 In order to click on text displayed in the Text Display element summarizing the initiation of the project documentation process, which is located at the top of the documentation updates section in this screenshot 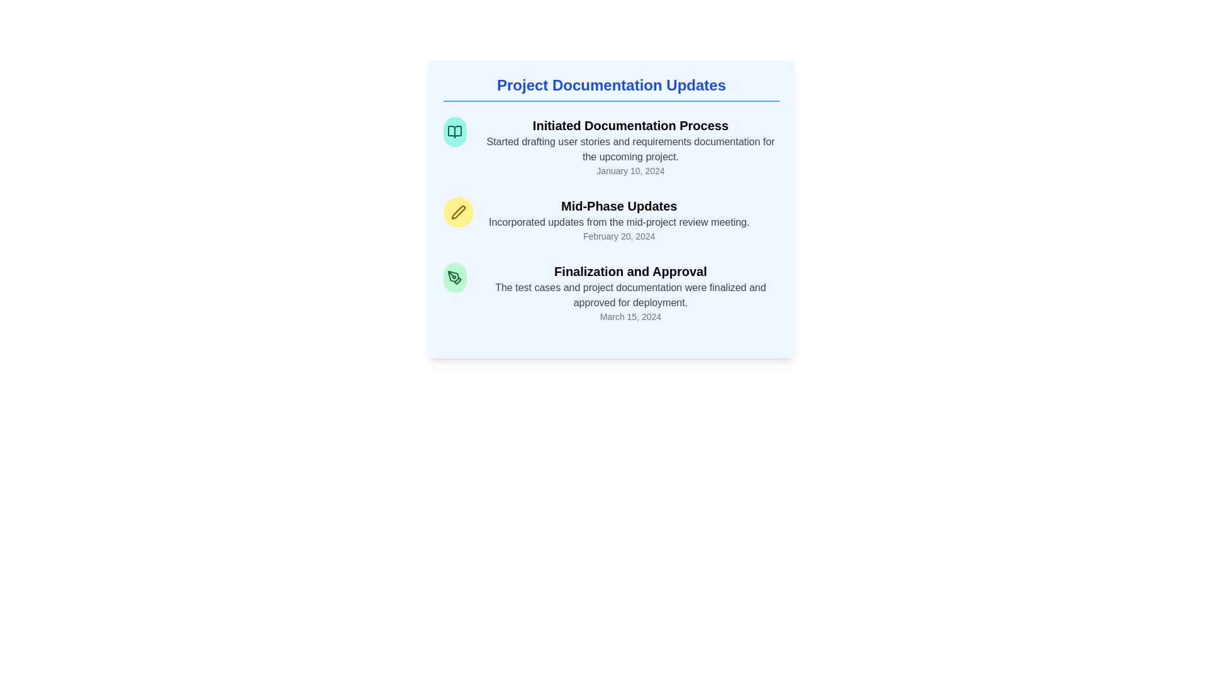, I will do `click(630, 146)`.